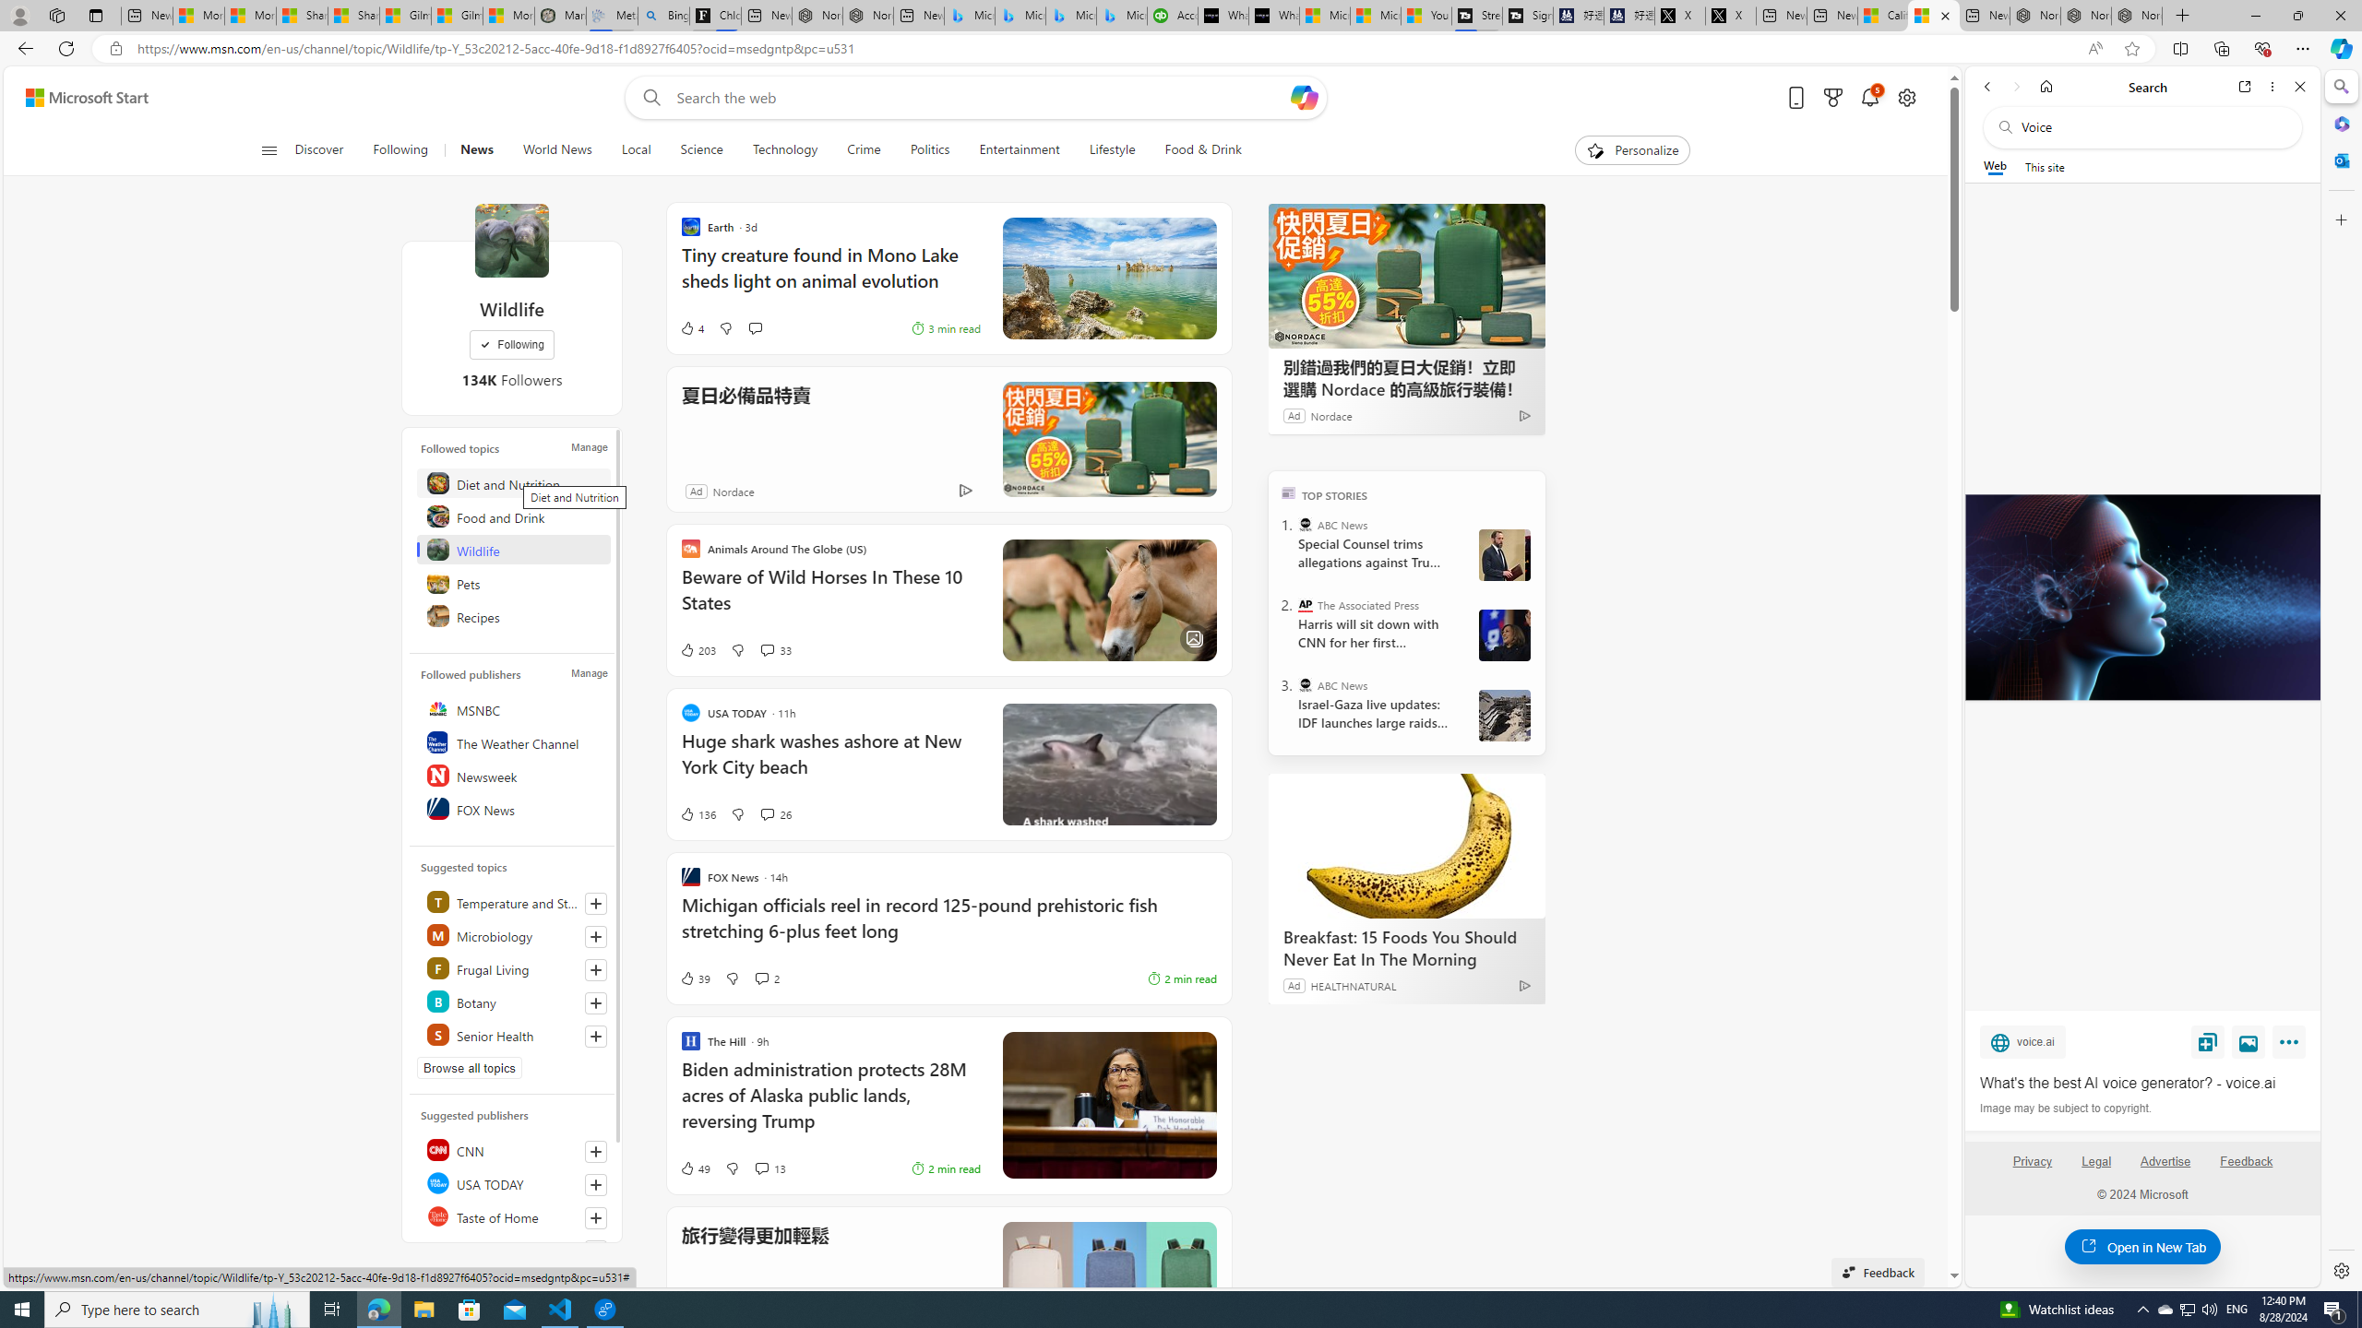  What do you see at coordinates (2143, 1246) in the screenshot?
I see `'Open in New Tab'` at bounding box center [2143, 1246].